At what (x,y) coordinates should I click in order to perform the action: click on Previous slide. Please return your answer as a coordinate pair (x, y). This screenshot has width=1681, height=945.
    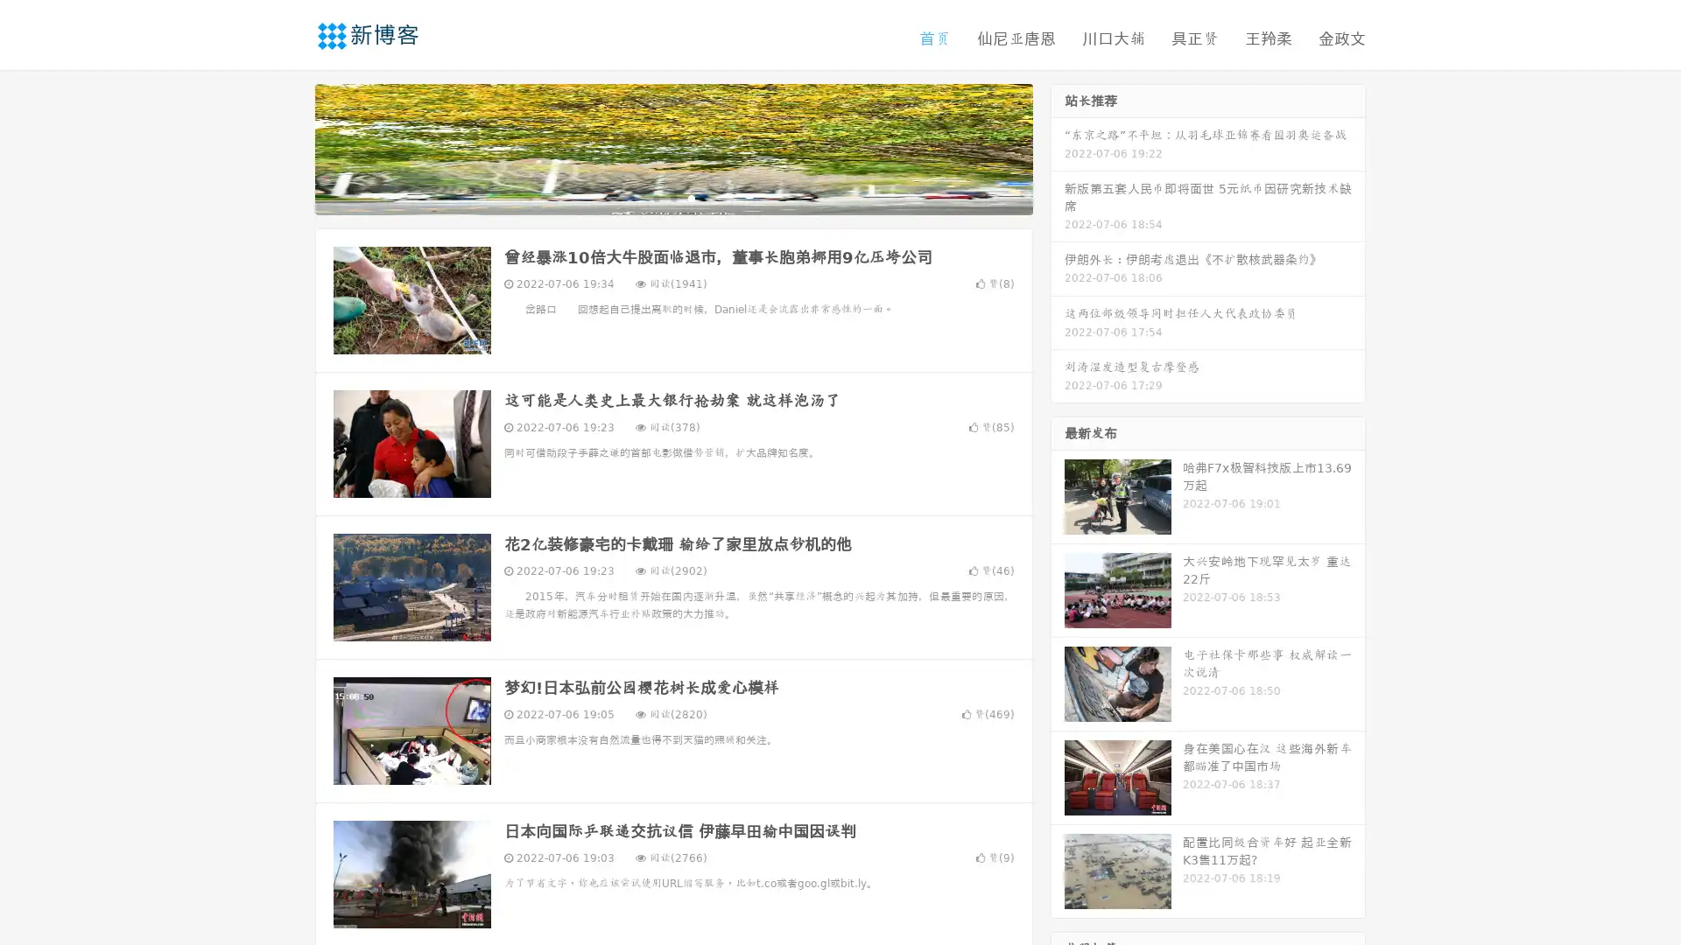
    Looking at the image, I should click on (289, 147).